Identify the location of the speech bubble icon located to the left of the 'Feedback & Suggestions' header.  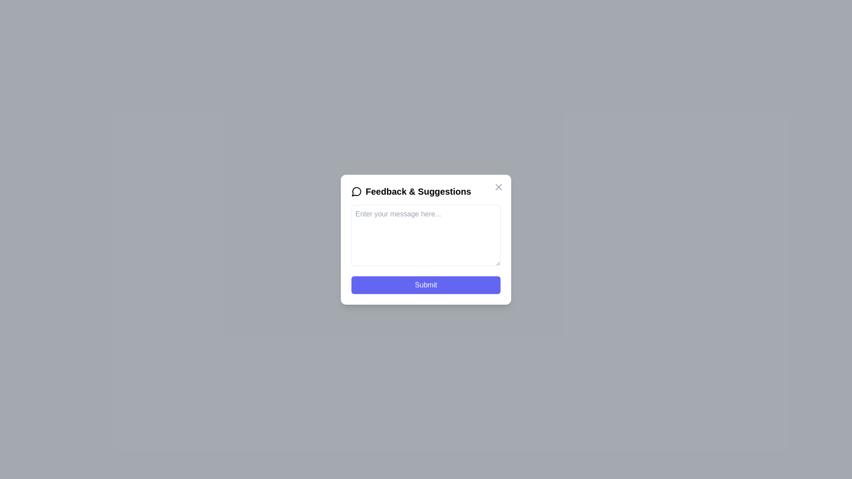
(357, 191).